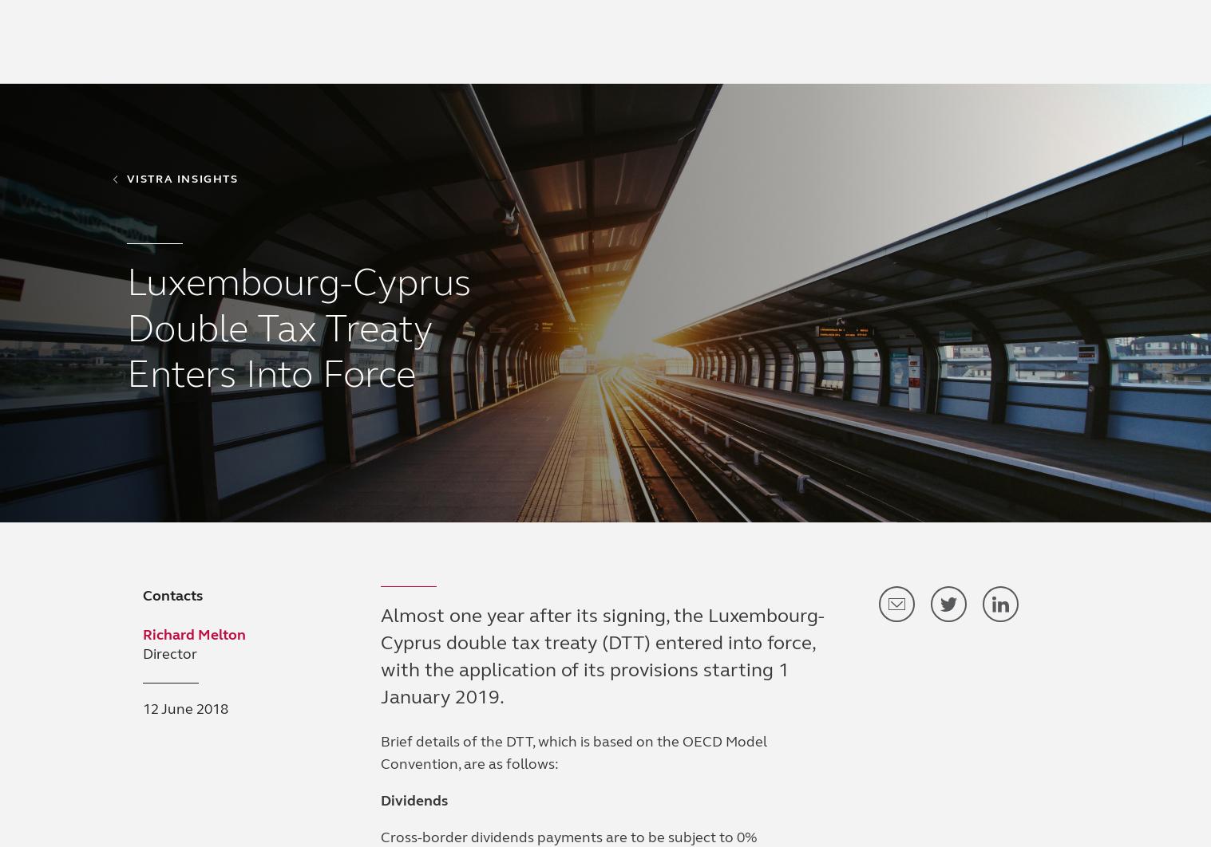 This screenshot has height=847, width=1211. What do you see at coordinates (1055, 69) in the screenshot?
I see `'Contact Us'` at bounding box center [1055, 69].